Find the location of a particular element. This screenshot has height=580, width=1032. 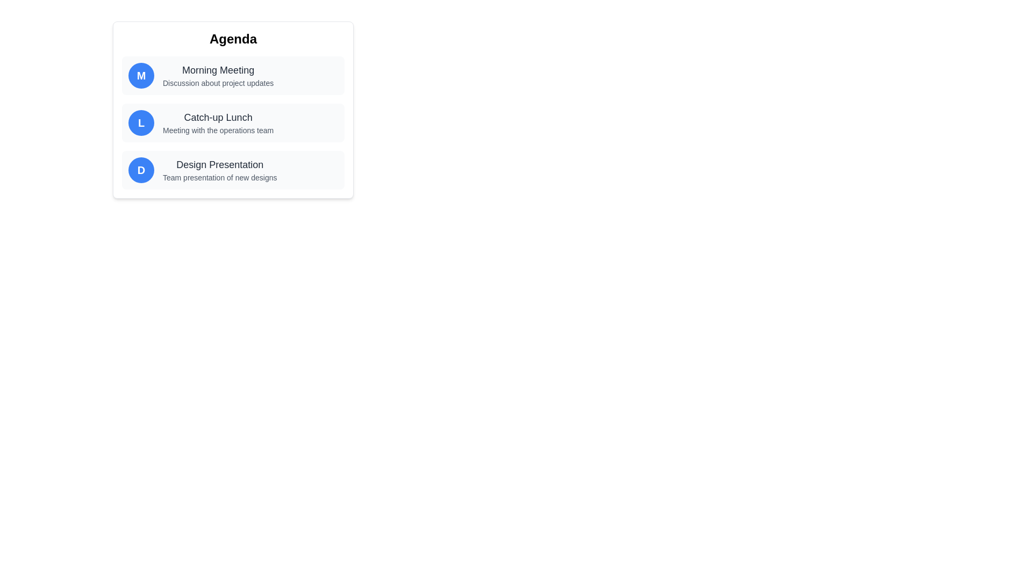

the List Entry titled 'Catch-up Lunch' with the description 'Meeting with the operations team' to focus on this item is located at coordinates (232, 110).